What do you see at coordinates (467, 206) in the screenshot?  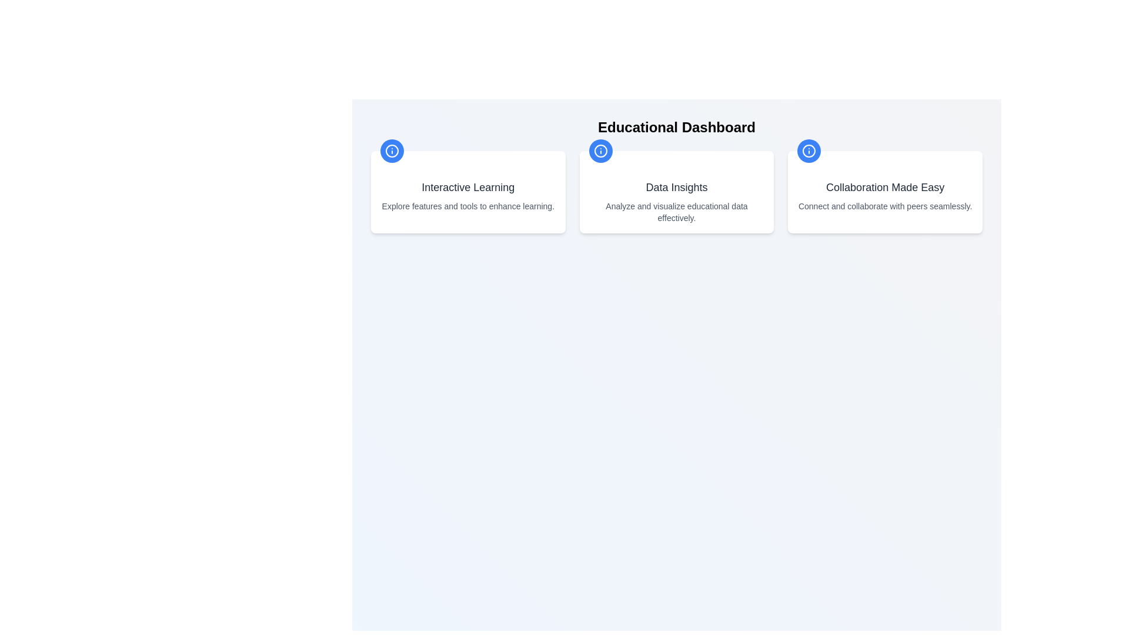 I see `the static text element providing supportive information for the 'Interactive Learning' card, located centrally below its title in the first card of a 3-card layout` at bounding box center [467, 206].